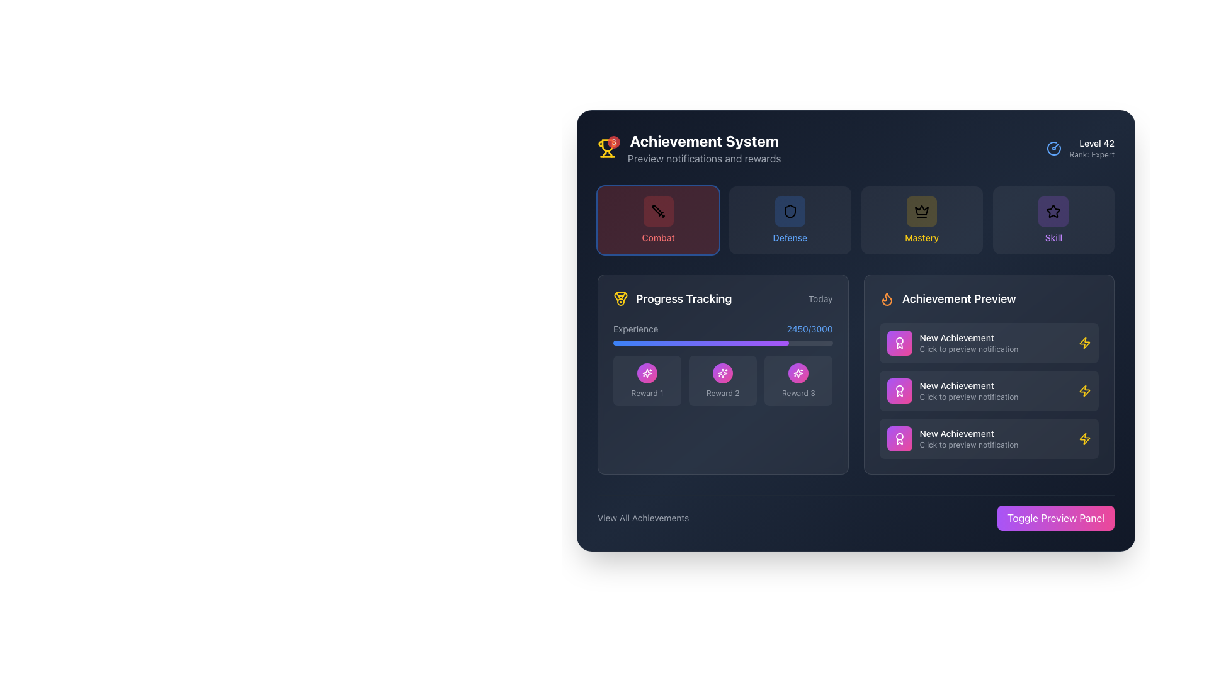  I want to click on the 'Defense' button, which is the second card in a group of four cards aligned horizontally, featuring a shield icon and the word 'Defense' in light blue below it, so click(789, 220).